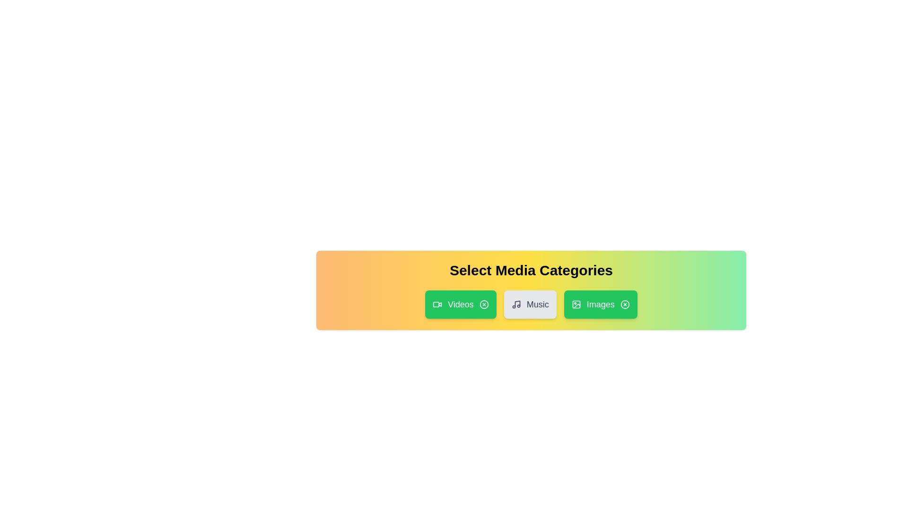 Image resolution: width=908 pixels, height=510 pixels. What do you see at coordinates (530, 304) in the screenshot?
I see `the category button labeled Music` at bounding box center [530, 304].